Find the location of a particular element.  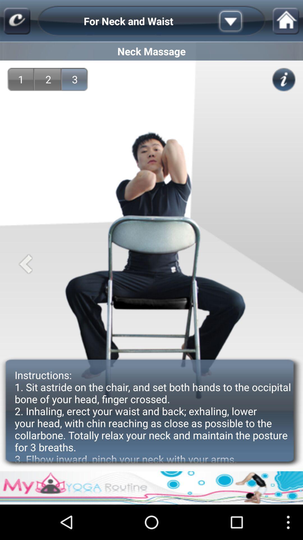

down button is located at coordinates (239, 21).